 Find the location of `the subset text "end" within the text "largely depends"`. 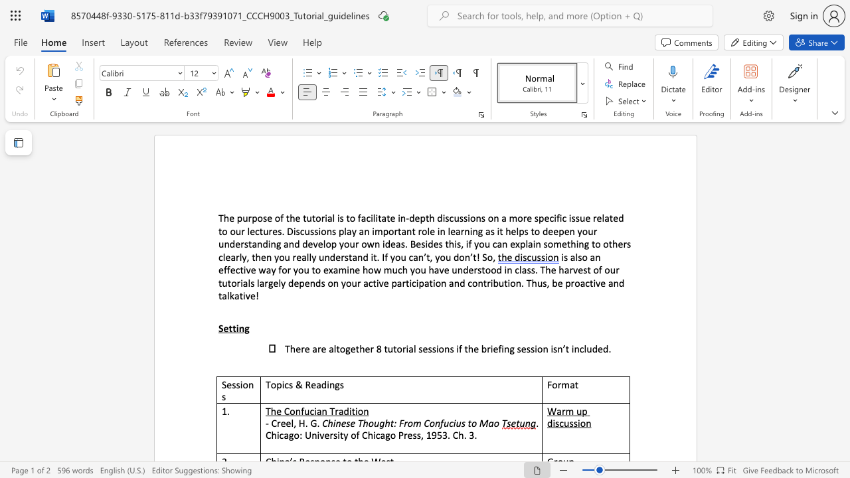

the subset text "end" within the text "largely depends" is located at coordinates (303, 282).